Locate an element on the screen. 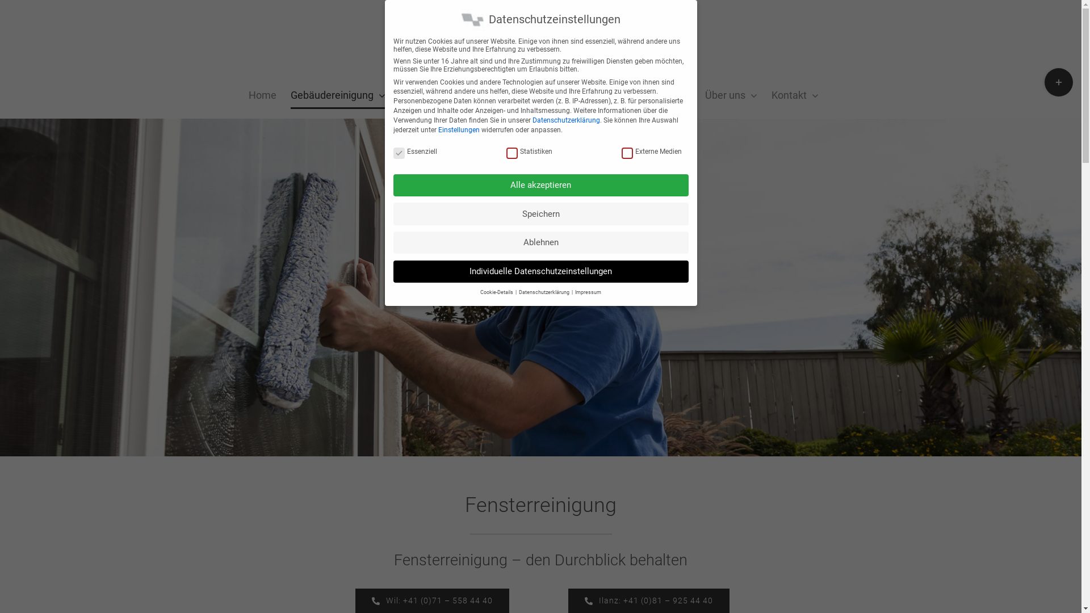  'Individuelle Datenschutzeinstellungen' is located at coordinates (539, 271).